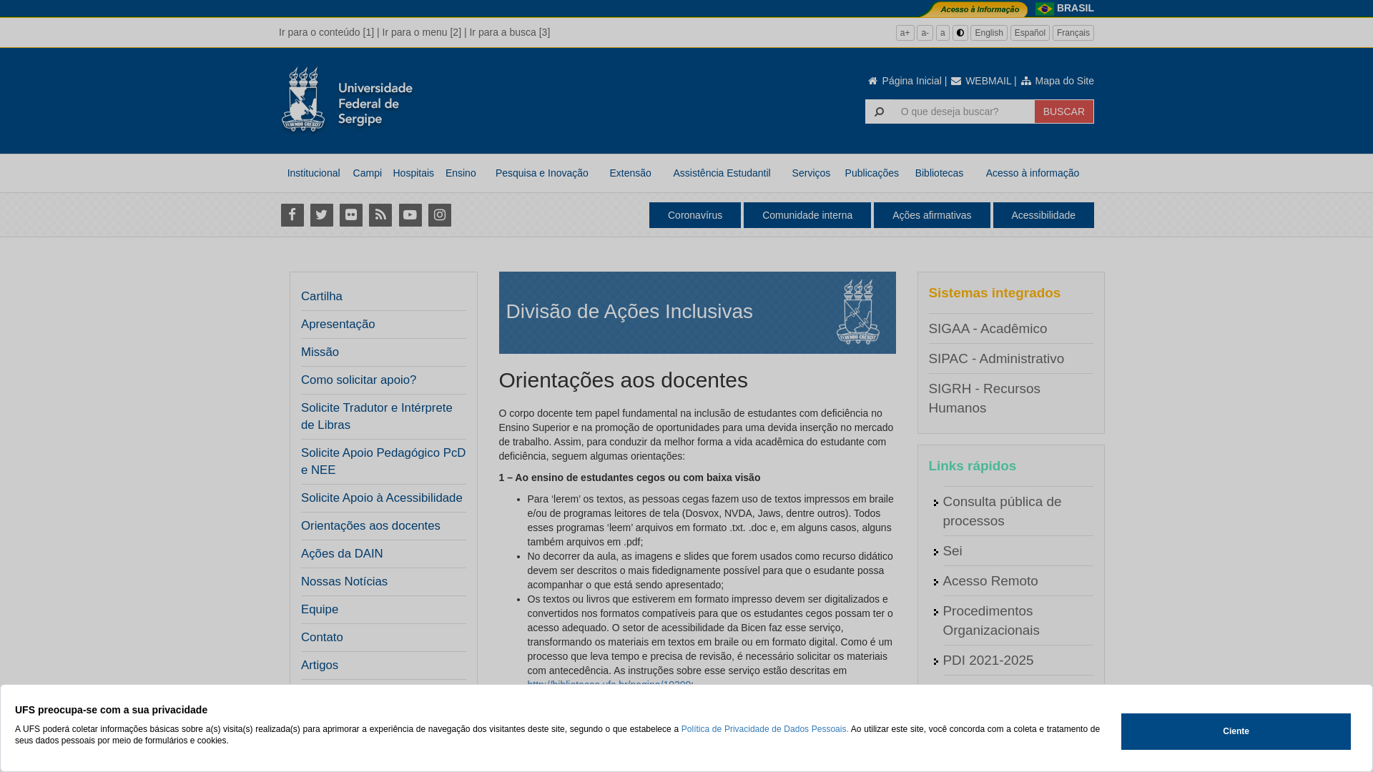 This screenshot has width=1373, height=772. I want to click on 'Acessibilidade', so click(1043, 214).